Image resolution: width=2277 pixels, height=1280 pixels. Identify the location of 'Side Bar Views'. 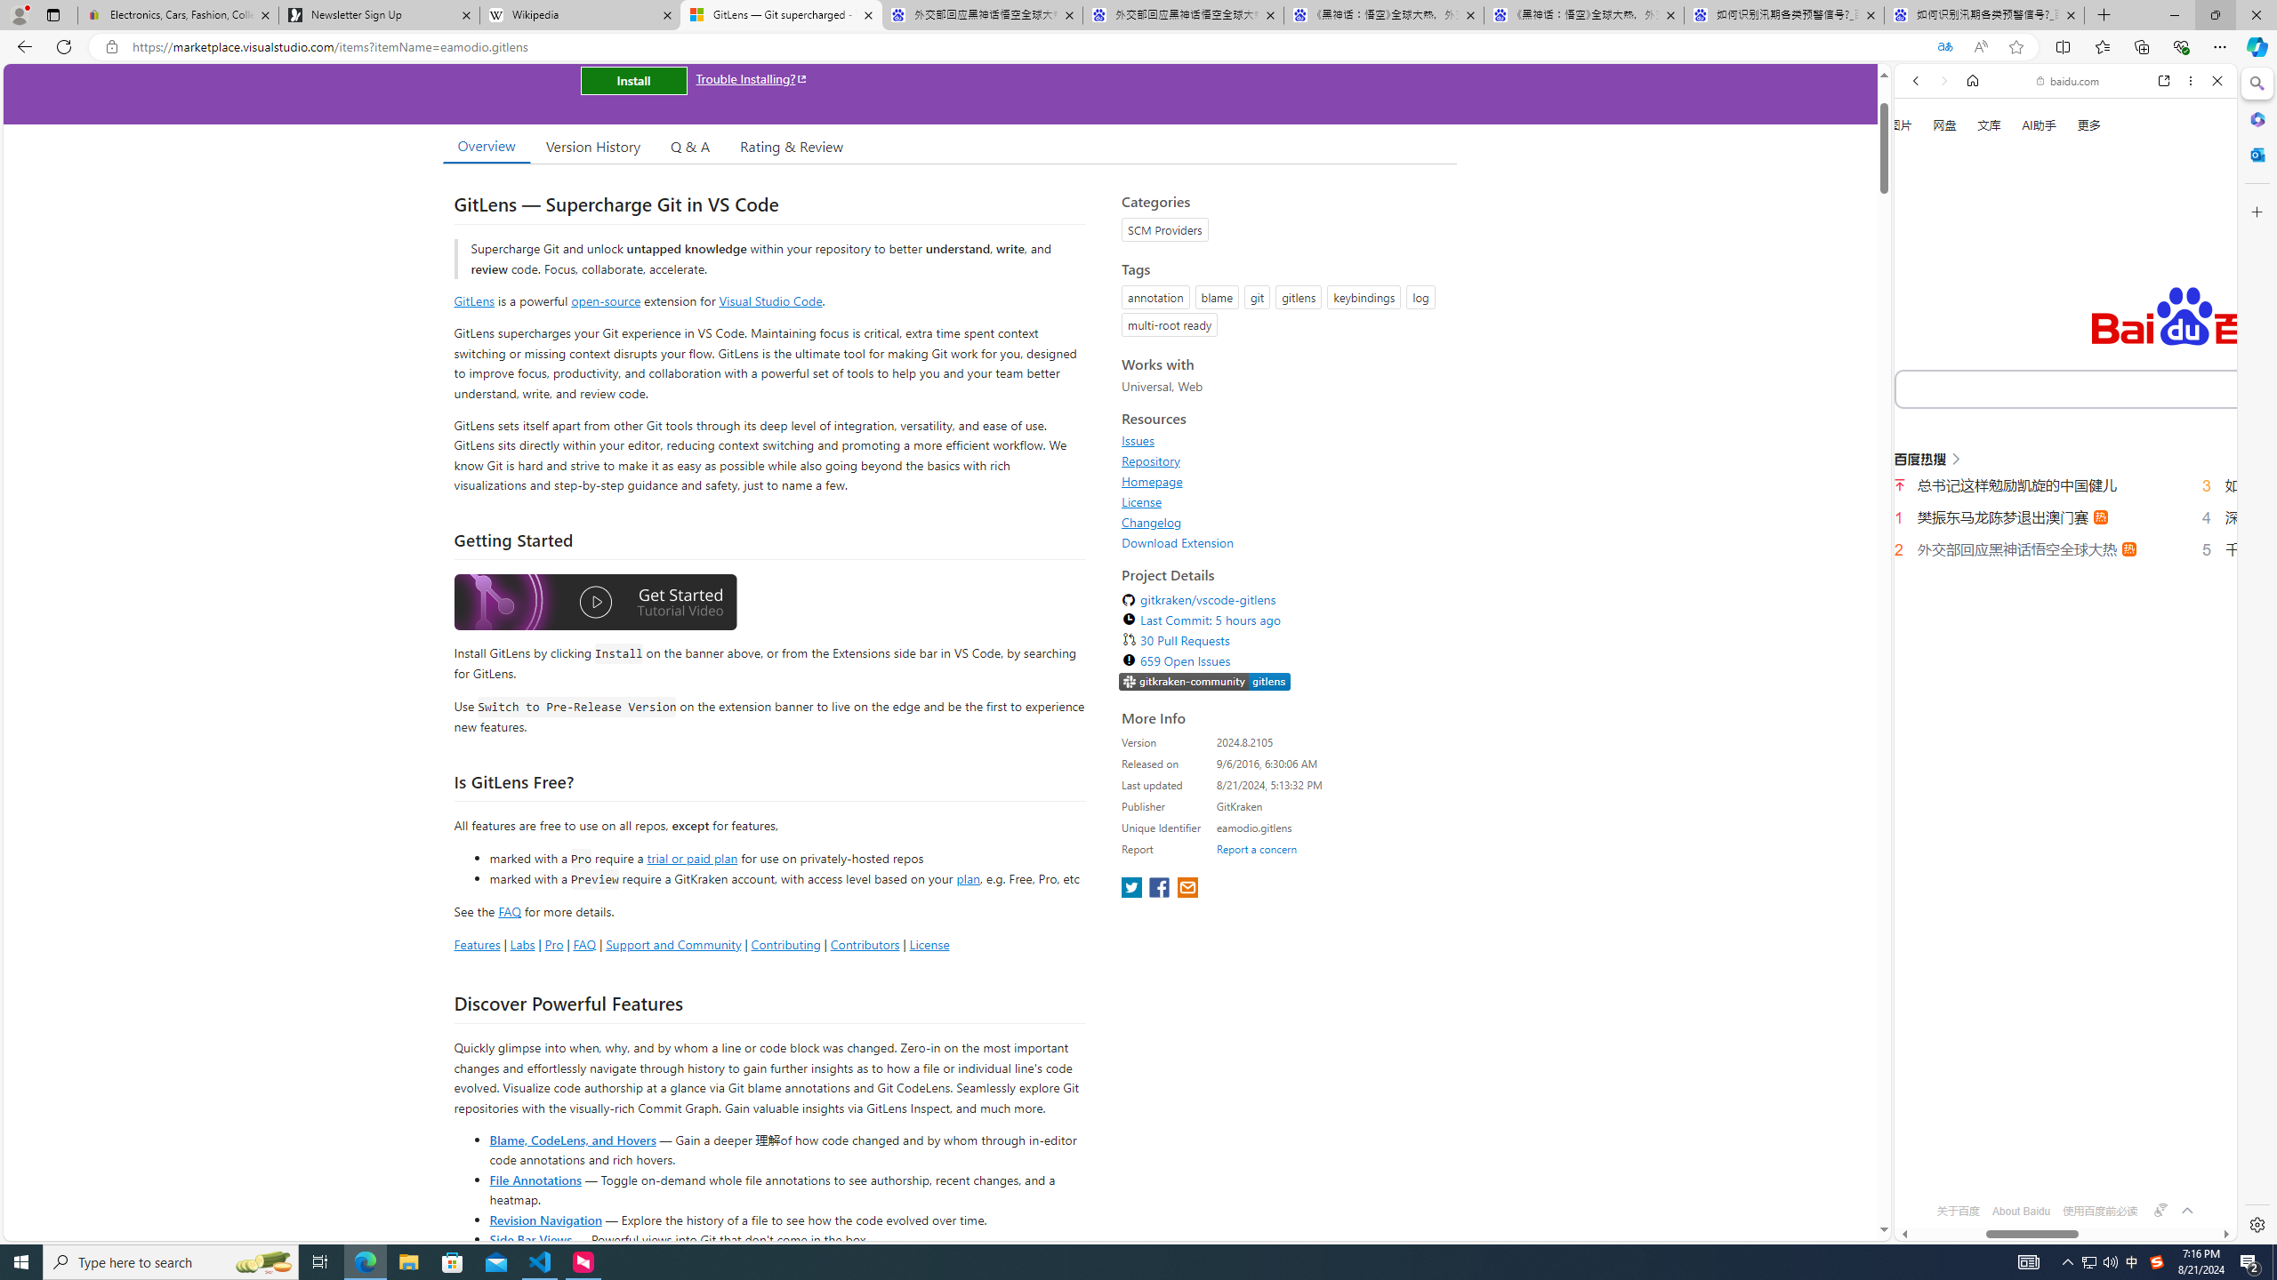
(529, 1238).